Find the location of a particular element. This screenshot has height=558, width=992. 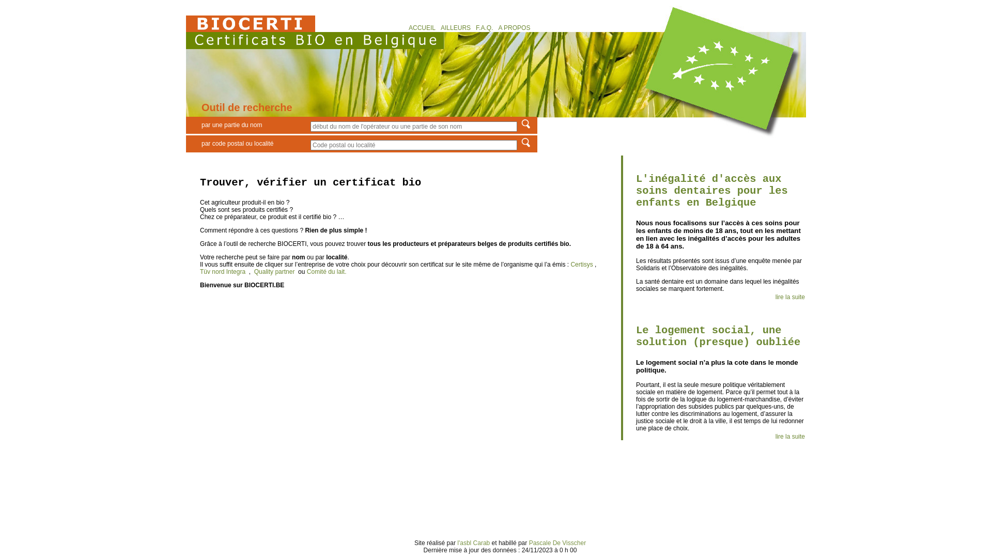

'Pascale De Visscher' is located at coordinates (529, 542).